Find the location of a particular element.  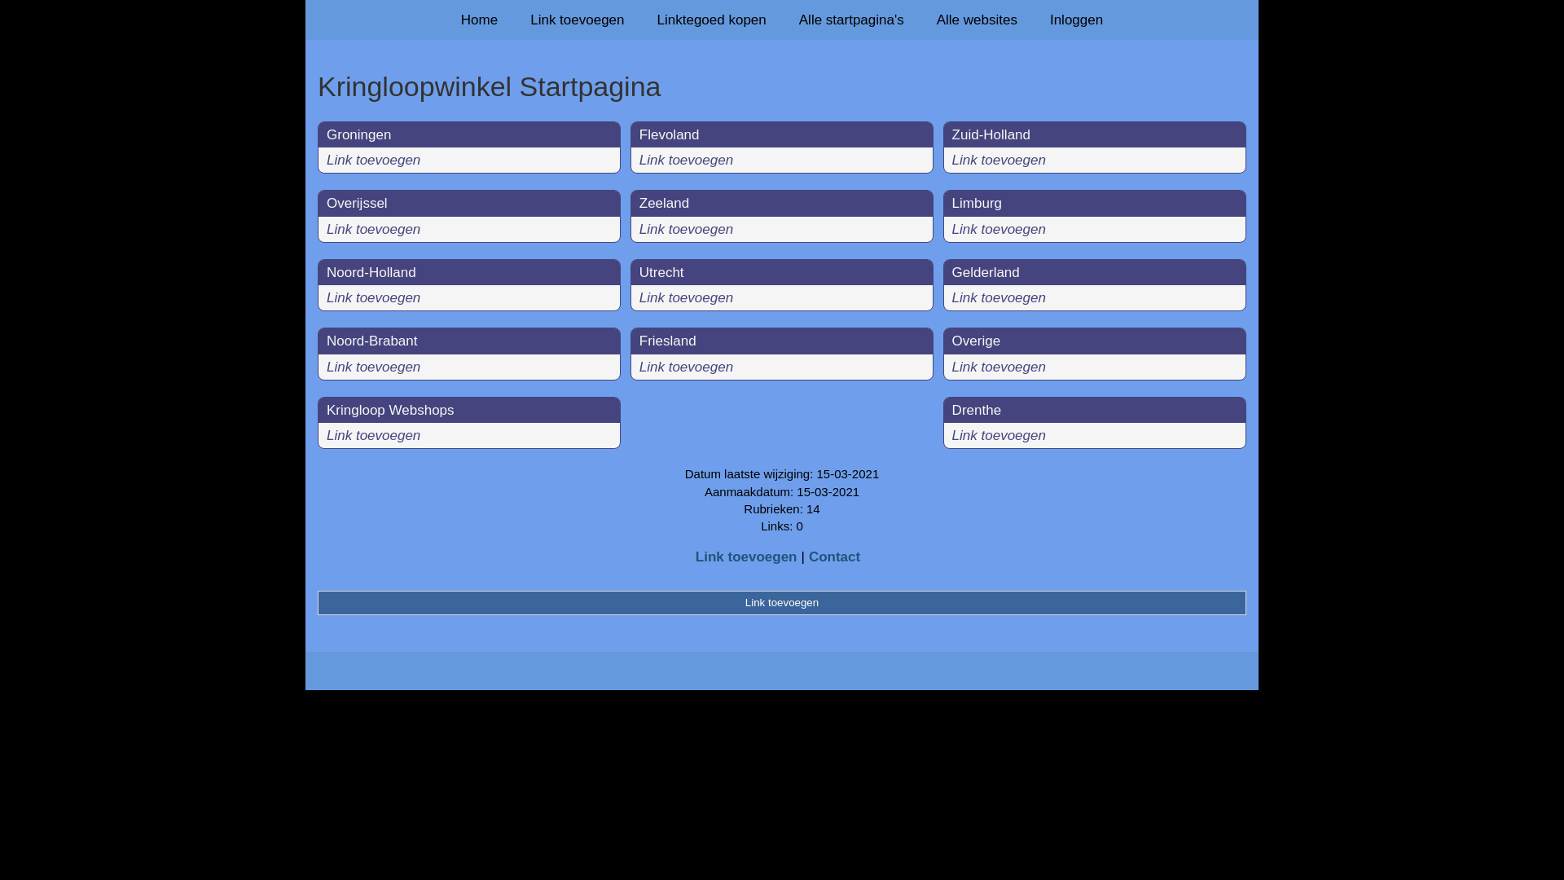

'Linktegoed kopen' is located at coordinates (711, 20).